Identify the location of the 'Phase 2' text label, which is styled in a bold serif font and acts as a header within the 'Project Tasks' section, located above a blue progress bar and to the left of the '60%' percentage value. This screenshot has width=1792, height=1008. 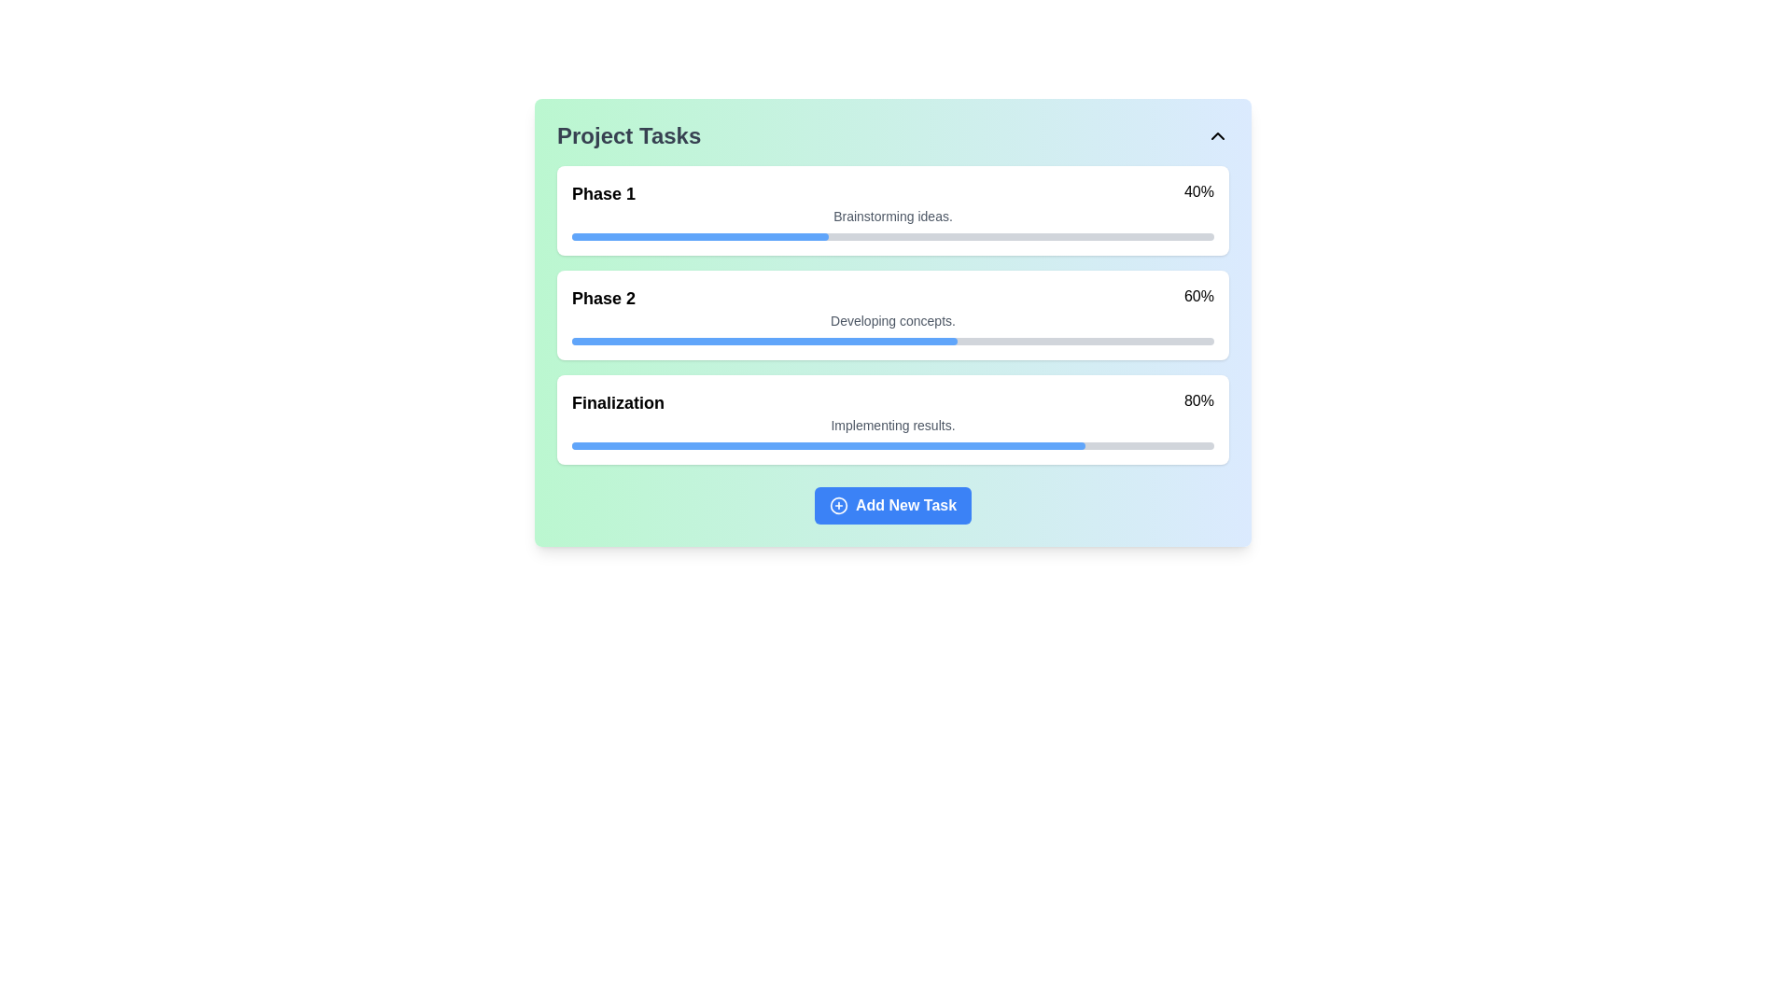
(604, 298).